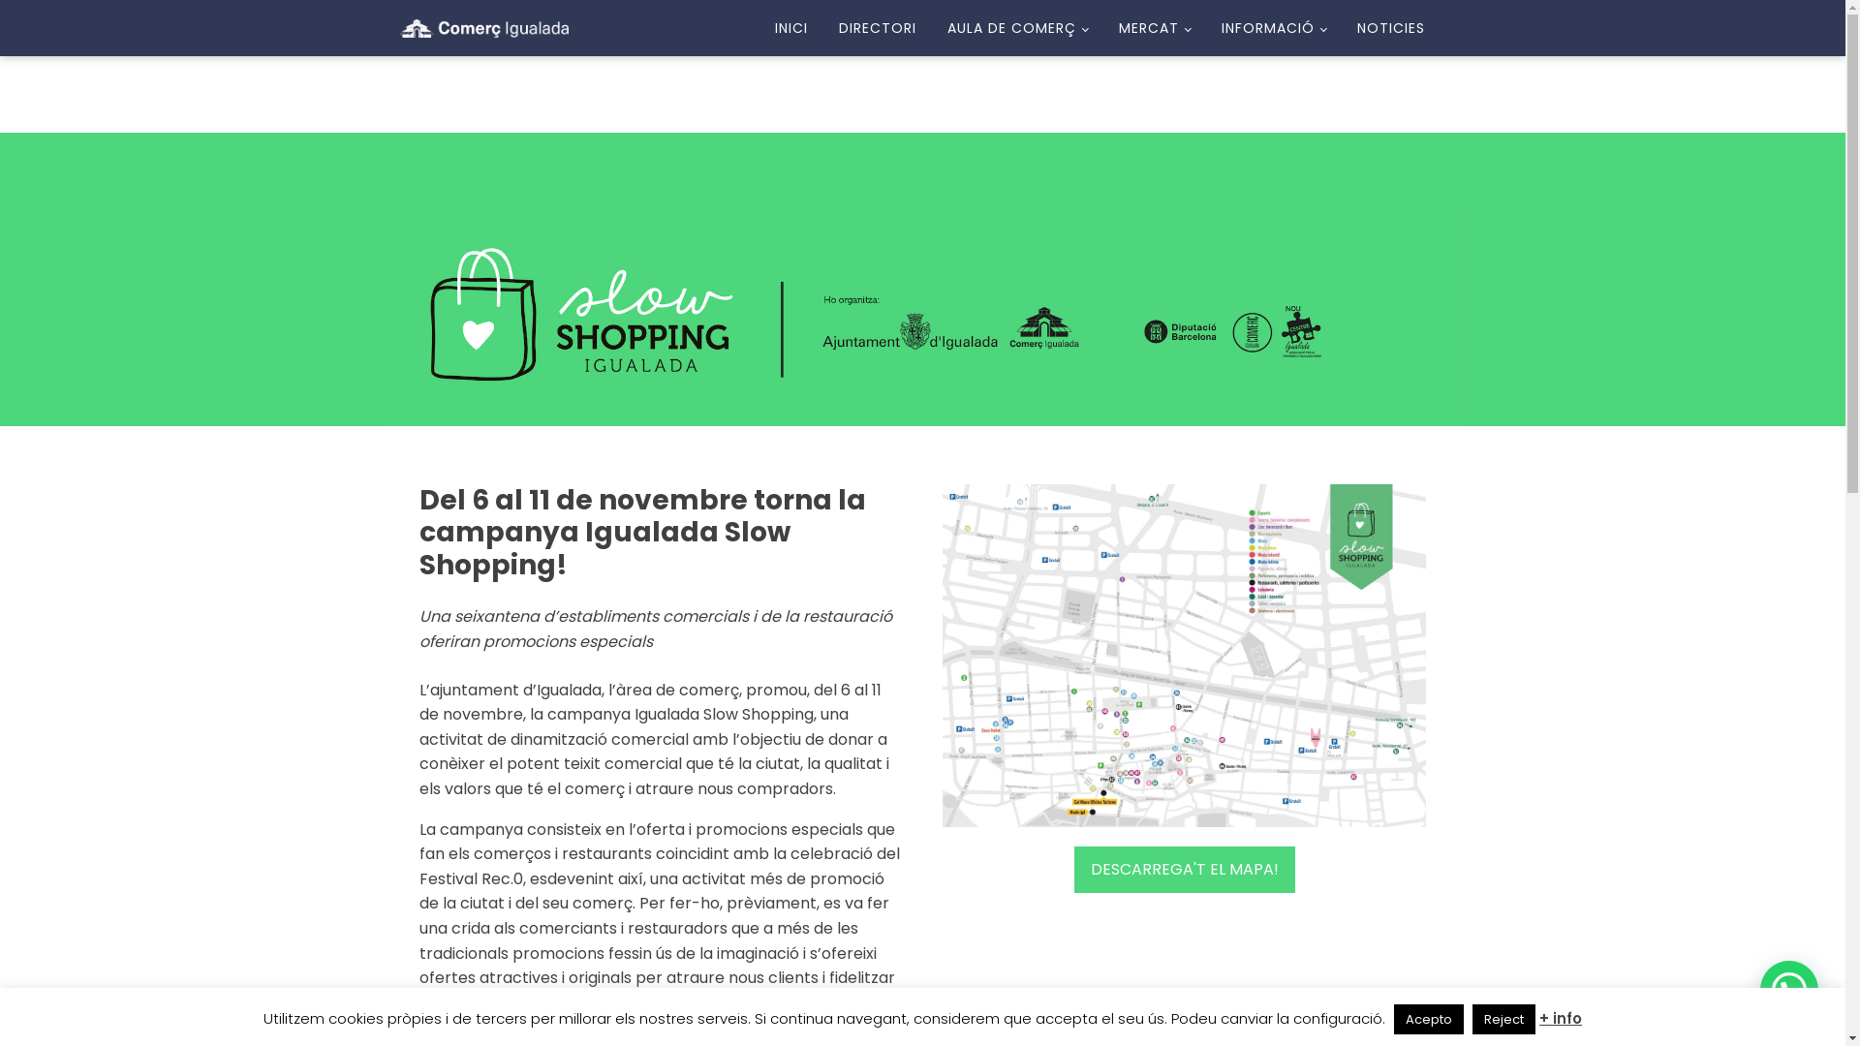  What do you see at coordinates (877, 28) in the screenshot?
I see `'DIRECTORI'` at bounding box center [877, 28].